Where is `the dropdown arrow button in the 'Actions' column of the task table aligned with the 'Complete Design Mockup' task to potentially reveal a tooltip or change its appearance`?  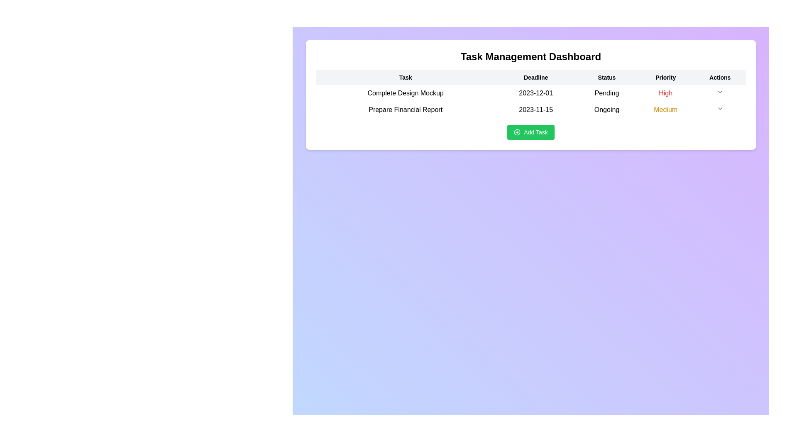
the dropdown arrow button in the 'Actions' column of the task table aligned with the 'Complete Design Mockup' task to potentially reveal a tooltip or change its appearance is located at coordinates (719, 93).